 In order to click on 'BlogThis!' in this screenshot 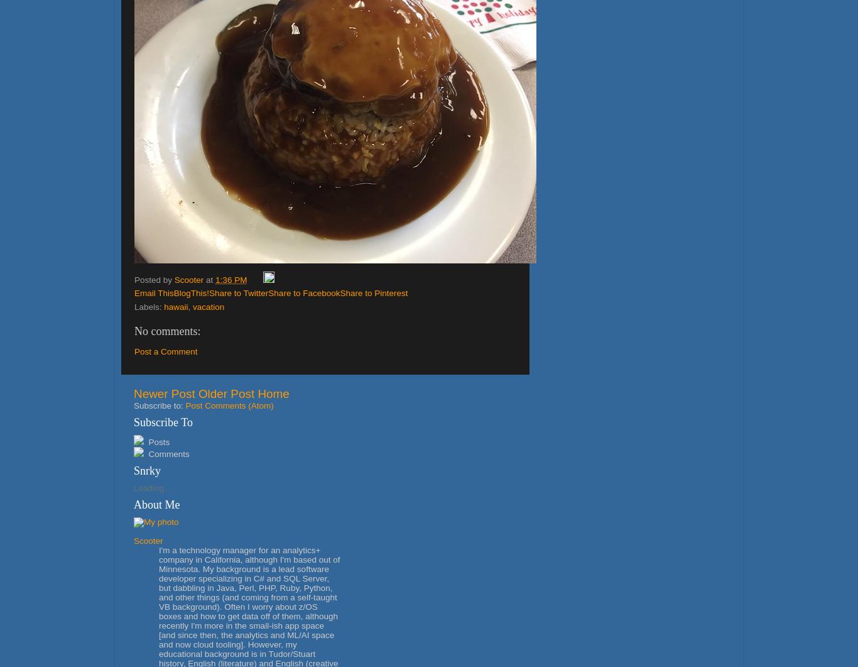, I will do `click(173, 293)`.